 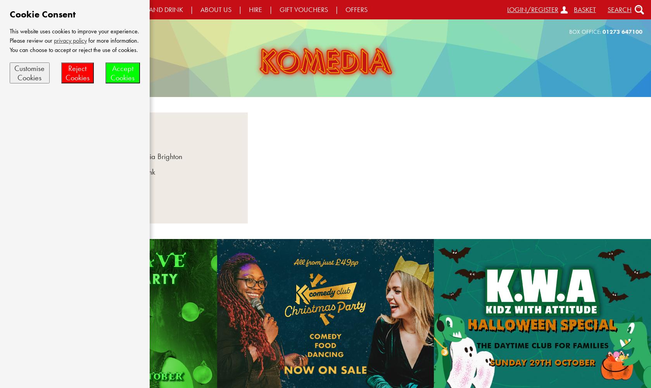 I want to click on 'privacy policy', so click(x=54, y=40).